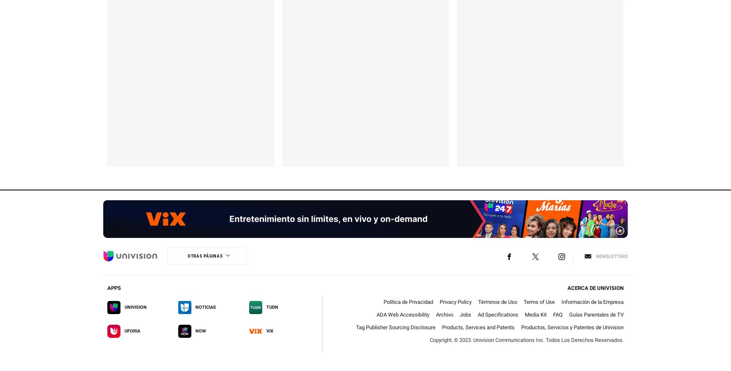 This screenshot has width=731, height=371. I want to click on 'Tag Publisher Sourcing Disclosure', so click(395, 327).